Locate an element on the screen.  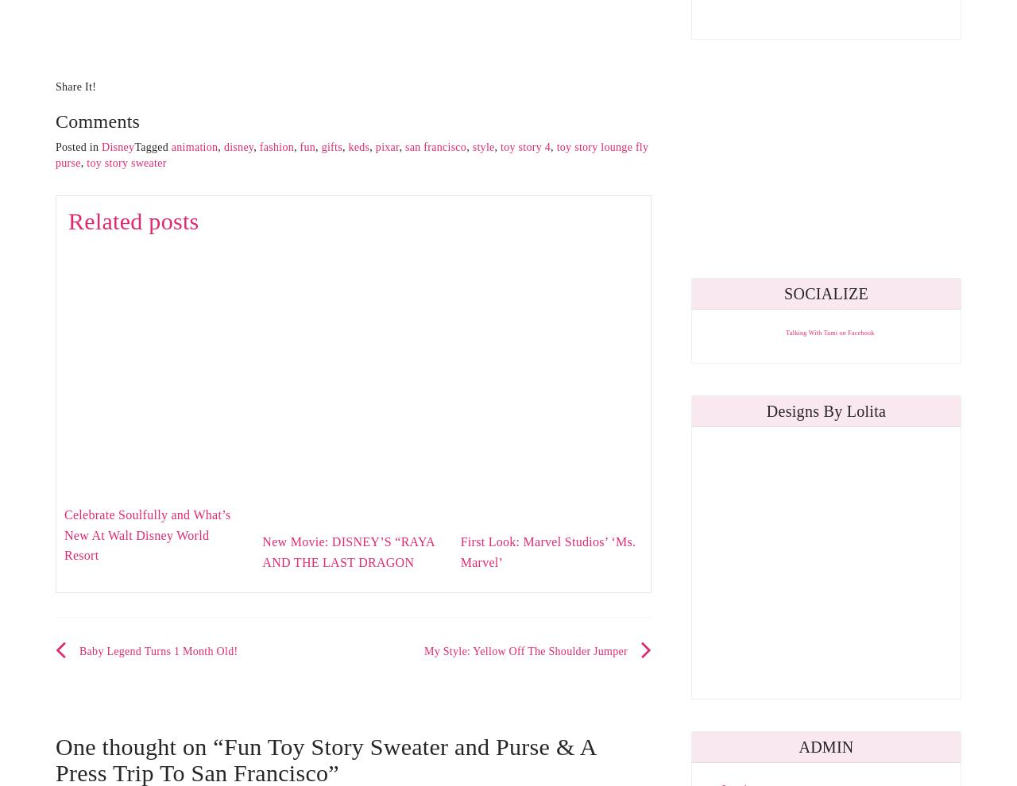
'One thought on “' is located at coordinates (139, 745).